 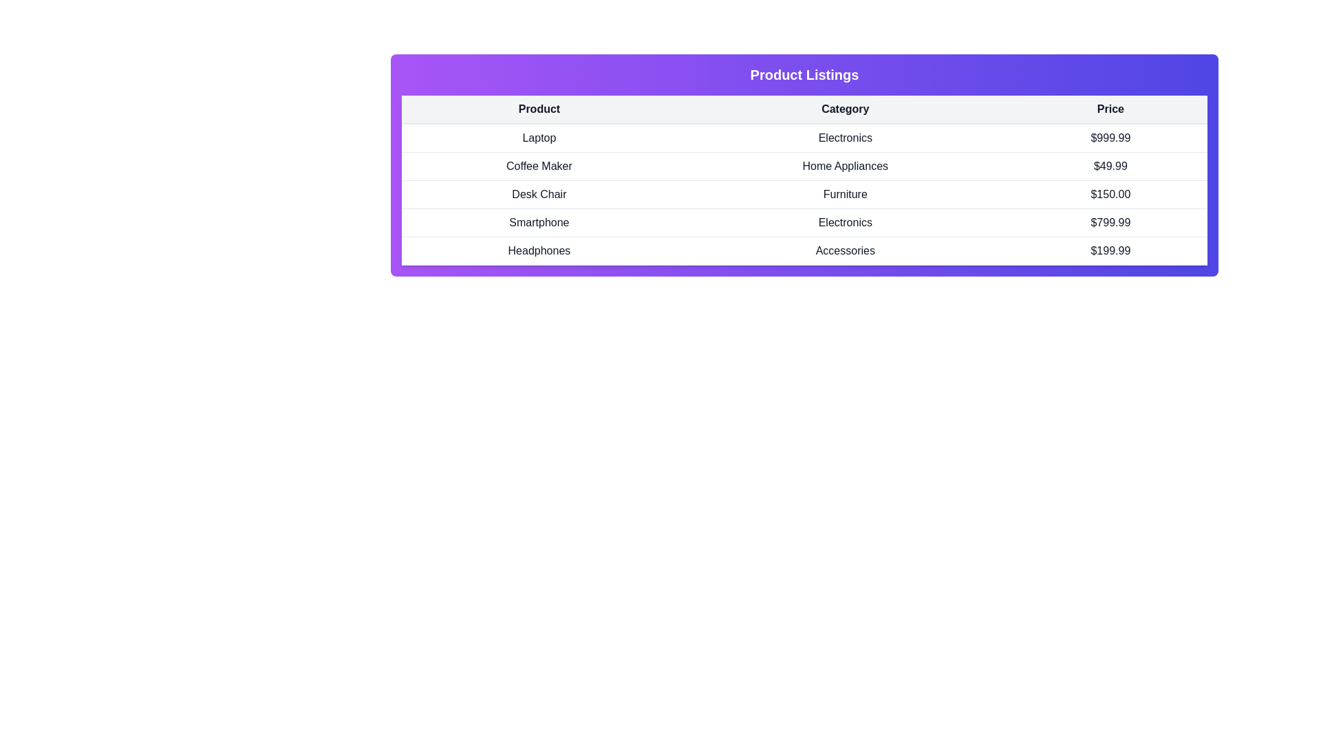 What do you see at coordinates (538, 138) in the screenshot?
I see `the text content of the 'Laptop' label in the 'Product' column of the first row of the table` at bounding box center [538, 138].